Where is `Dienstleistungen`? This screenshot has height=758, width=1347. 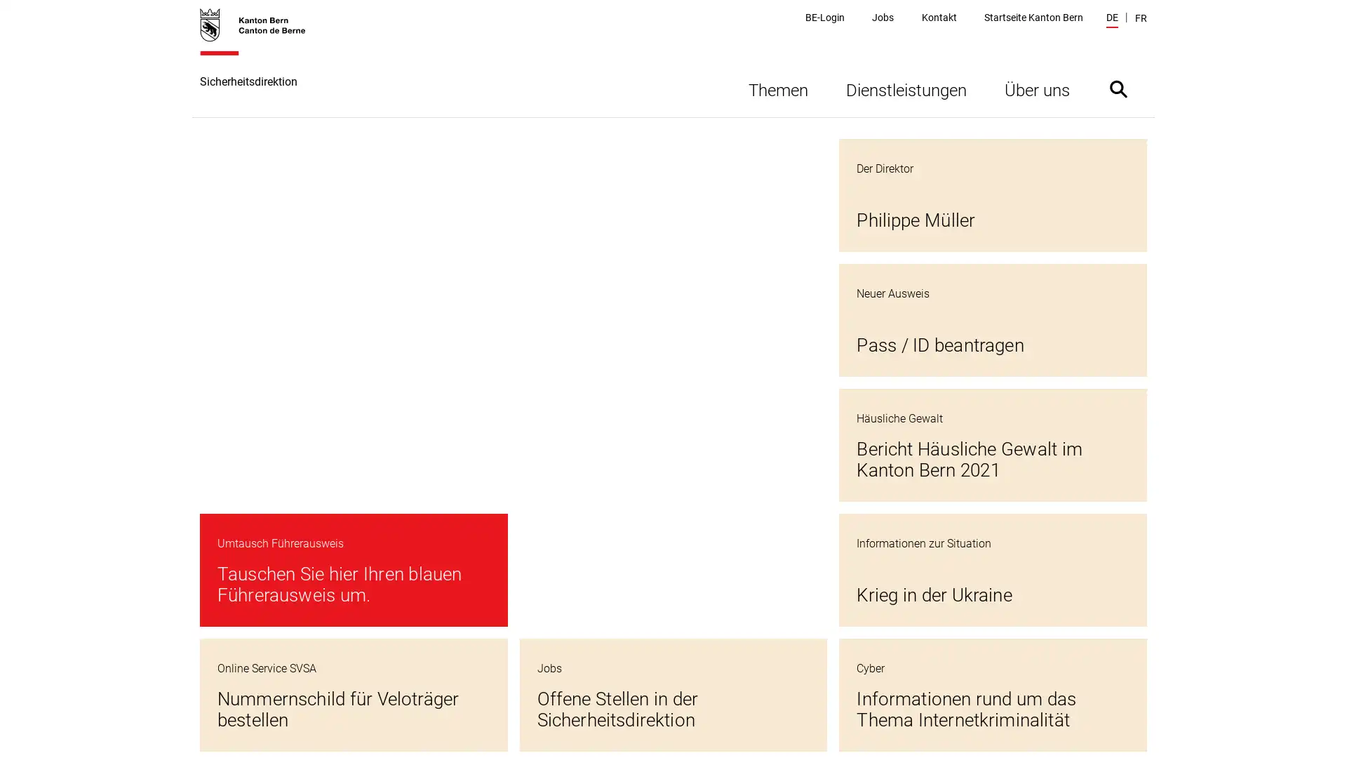 Dienstleistungen is located at coordinates (906, 90).